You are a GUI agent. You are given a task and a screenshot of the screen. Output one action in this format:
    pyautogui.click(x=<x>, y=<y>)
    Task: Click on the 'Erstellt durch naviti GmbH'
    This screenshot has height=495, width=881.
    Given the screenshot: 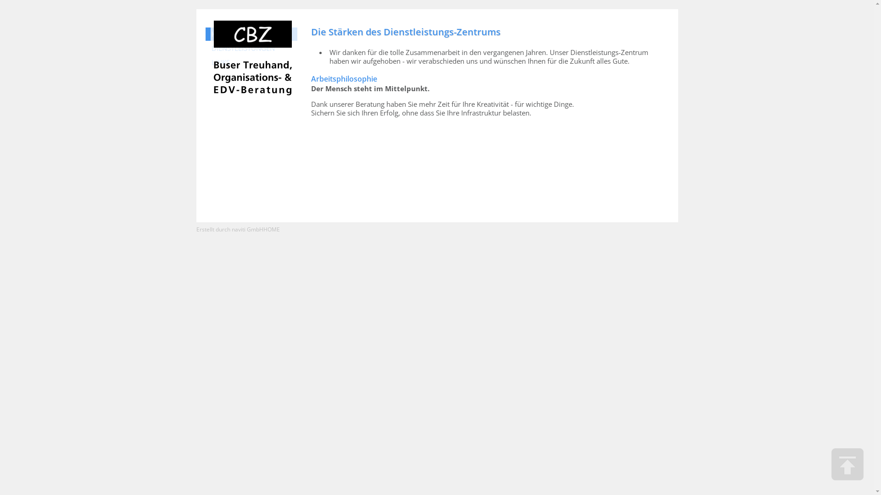 What is the action you would take?
    pyautogui.click(x=229, y=229)
    